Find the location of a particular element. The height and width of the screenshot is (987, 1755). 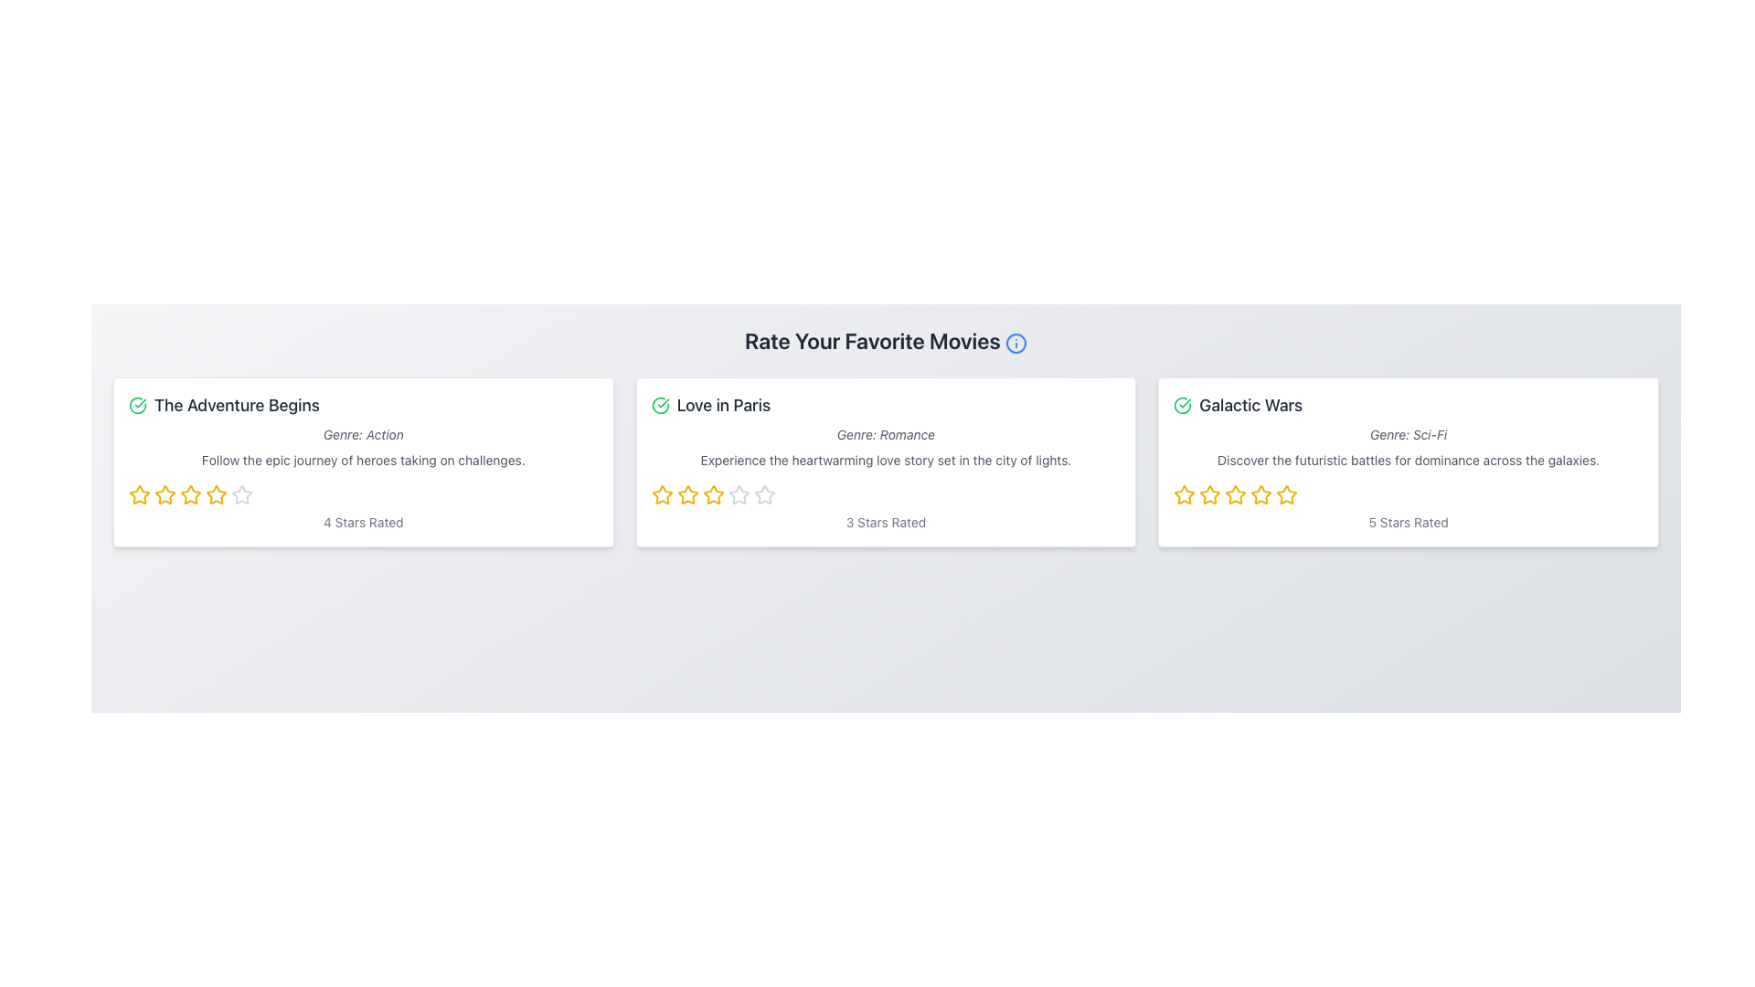

the fourth star in the five-star rating system located underneath the text 'Galactic Wars' in the third card is located at coordinates (1236, 495).